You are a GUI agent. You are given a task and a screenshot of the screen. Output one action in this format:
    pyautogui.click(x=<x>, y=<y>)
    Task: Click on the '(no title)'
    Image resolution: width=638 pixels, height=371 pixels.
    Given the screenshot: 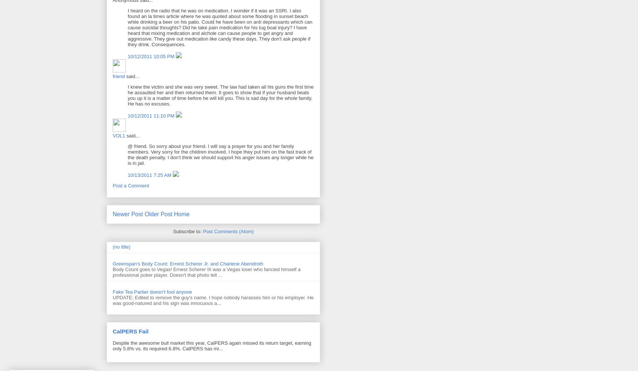 What is the action you would take?
    pyautogui.click(x=121, y=246)
    